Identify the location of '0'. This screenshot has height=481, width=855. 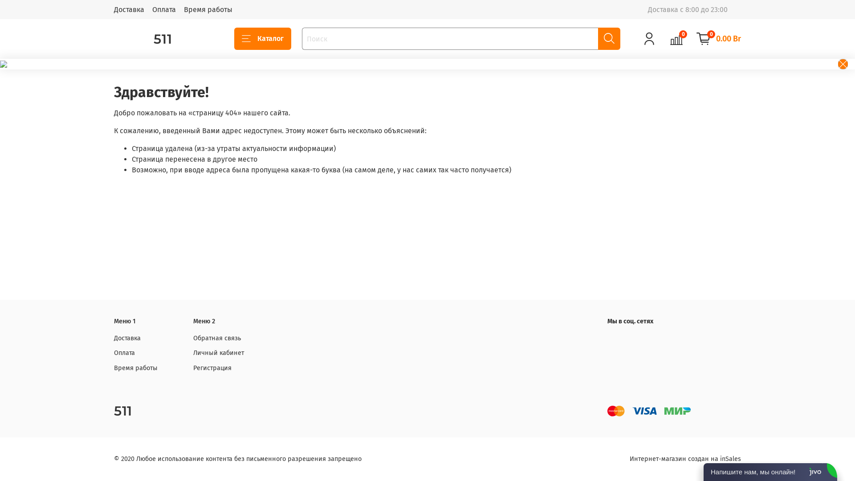
(676, 38).